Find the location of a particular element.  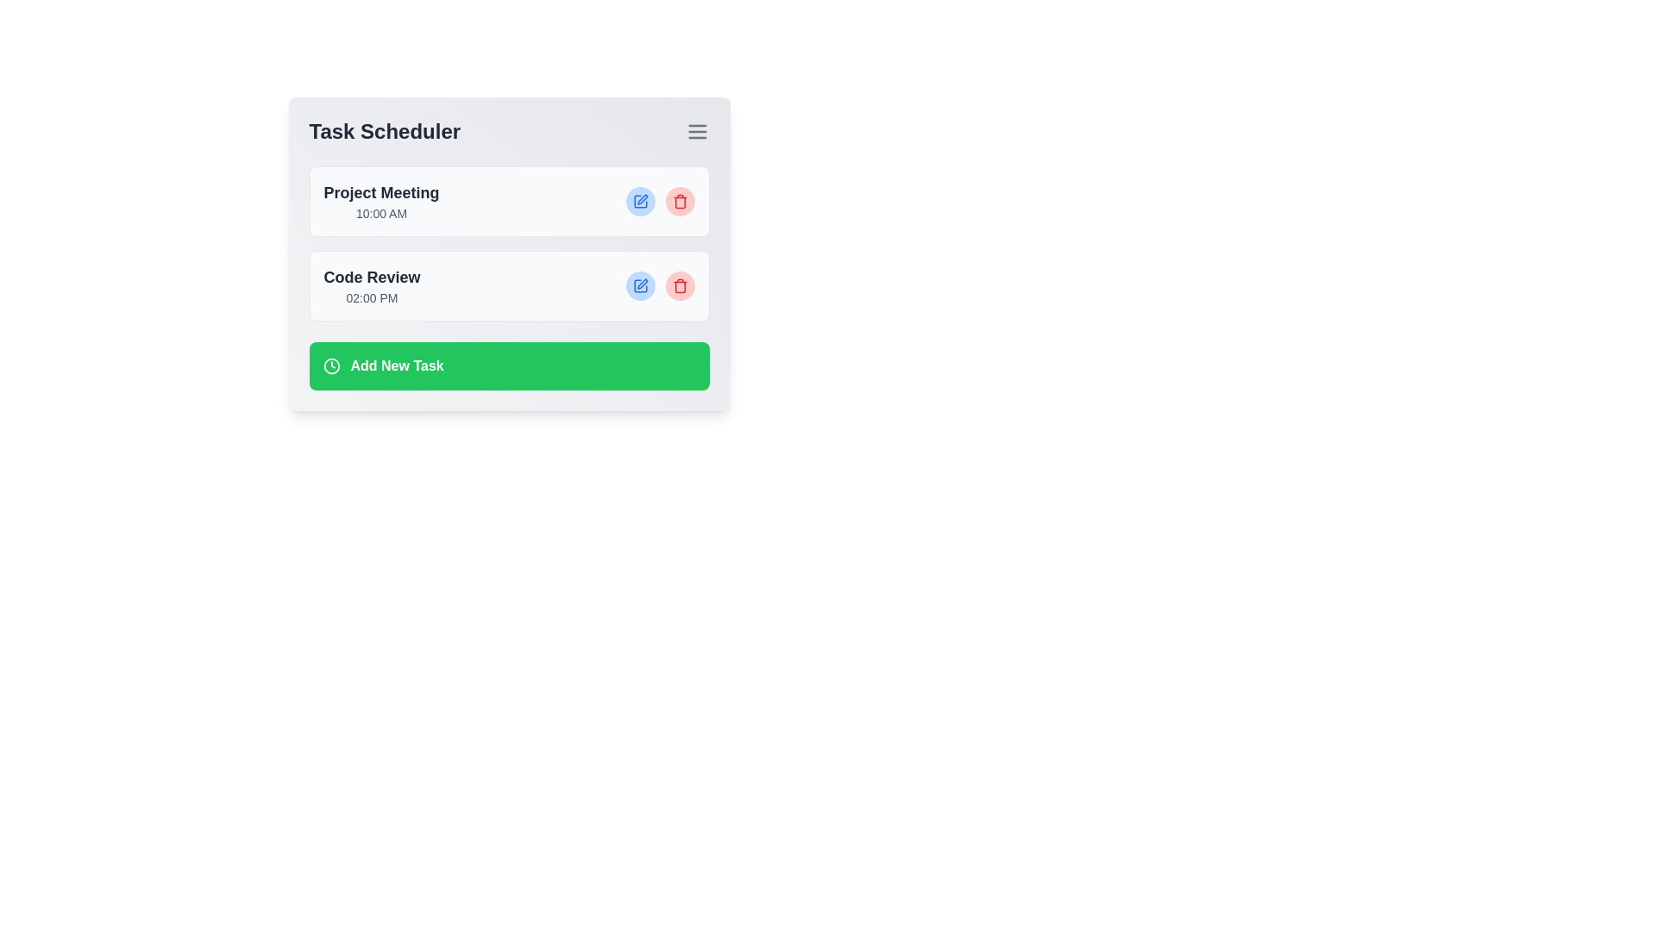

the SVG Circle element that is part of the clock icon within the green 'Add New Task' button located at the bottom of the task list in the Task Scheduler interface is located at coordinates (331, 365).